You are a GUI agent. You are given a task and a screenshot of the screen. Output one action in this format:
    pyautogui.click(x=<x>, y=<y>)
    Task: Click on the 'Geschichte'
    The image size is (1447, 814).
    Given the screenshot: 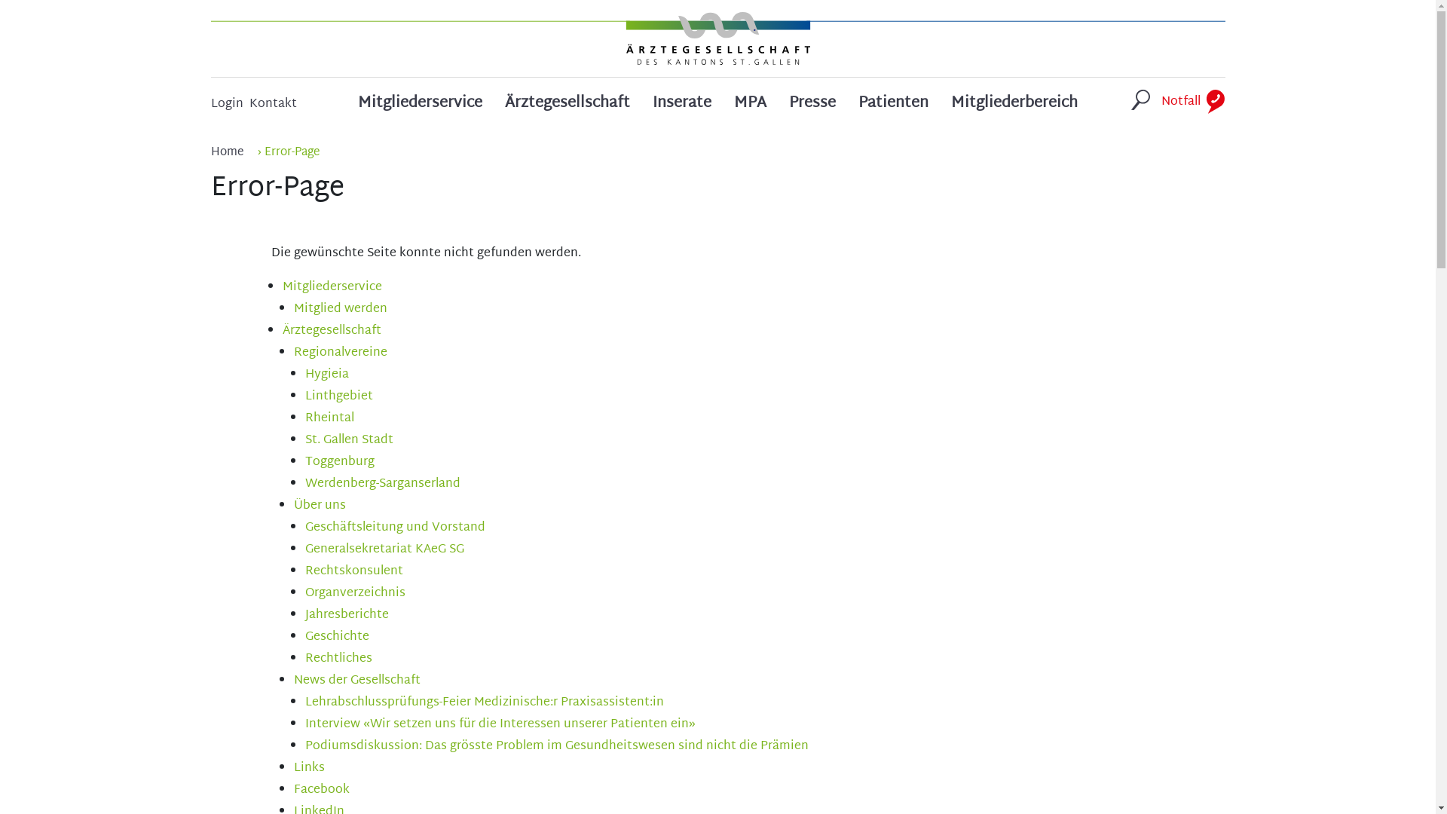 What is the action you would take?
    pyautogui.click(x=303, y=637)
    